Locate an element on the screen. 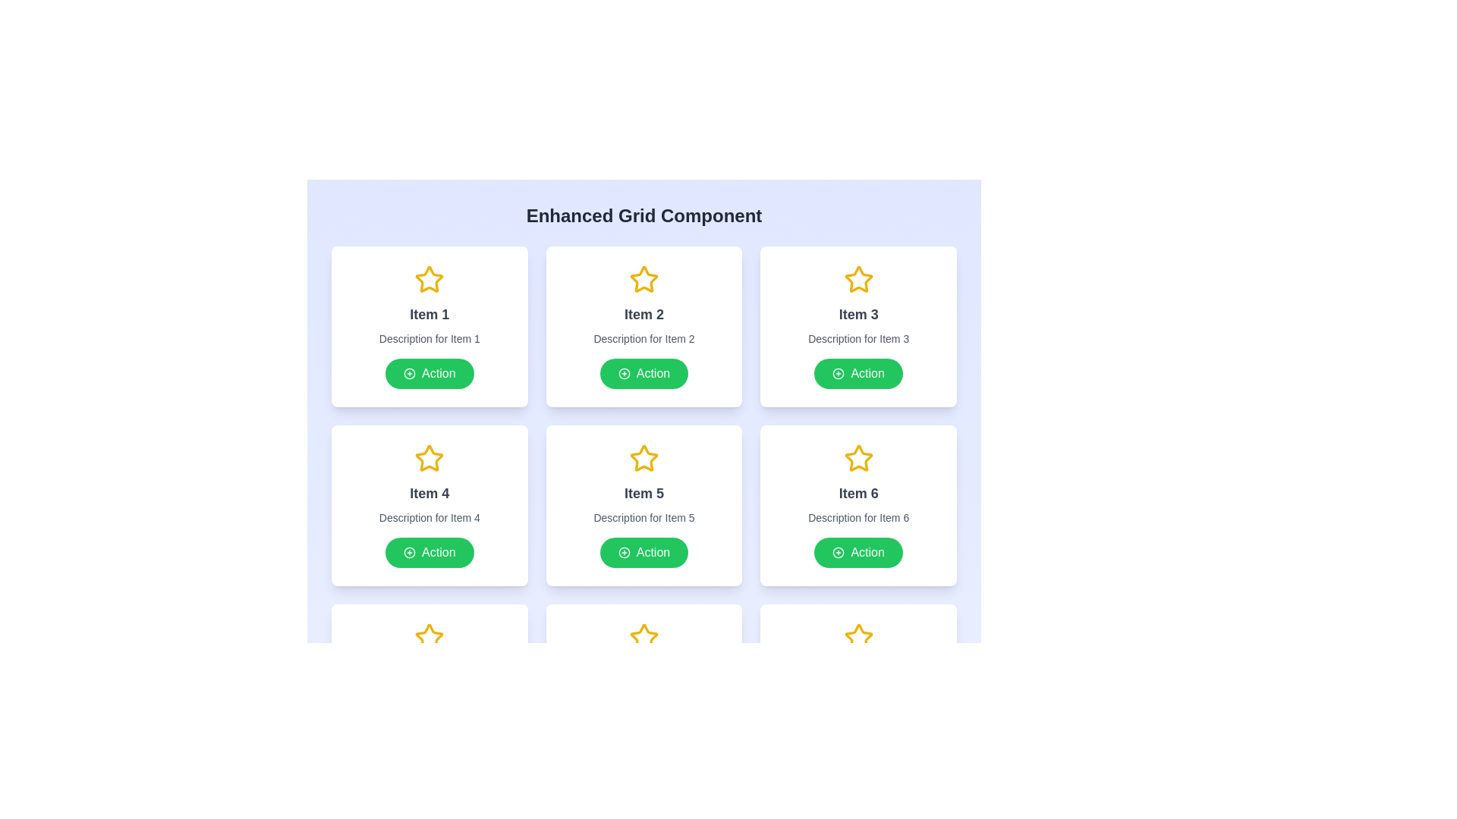 The width and height of the screenshot is (1457, 819). the button located in the card labeled 'Item 4' in the second row, first column of the grid is located at coordinates (429, 553).